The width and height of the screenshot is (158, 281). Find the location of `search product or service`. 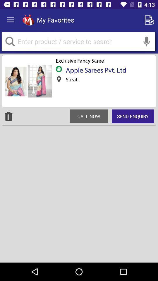

search product or service is located at coordinates (78, 41).